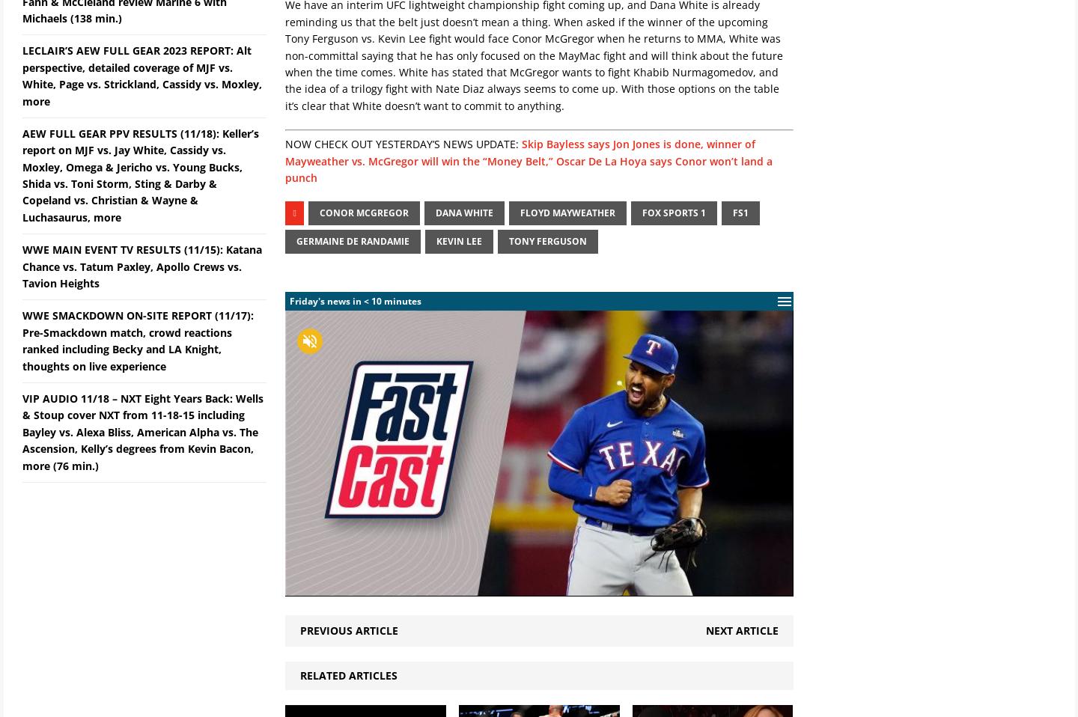 The image size is (1078, 717). What do you see at coordinates (705, 629) in the screenshot?
I see `'Next article'` at bounding box center [705, 629].